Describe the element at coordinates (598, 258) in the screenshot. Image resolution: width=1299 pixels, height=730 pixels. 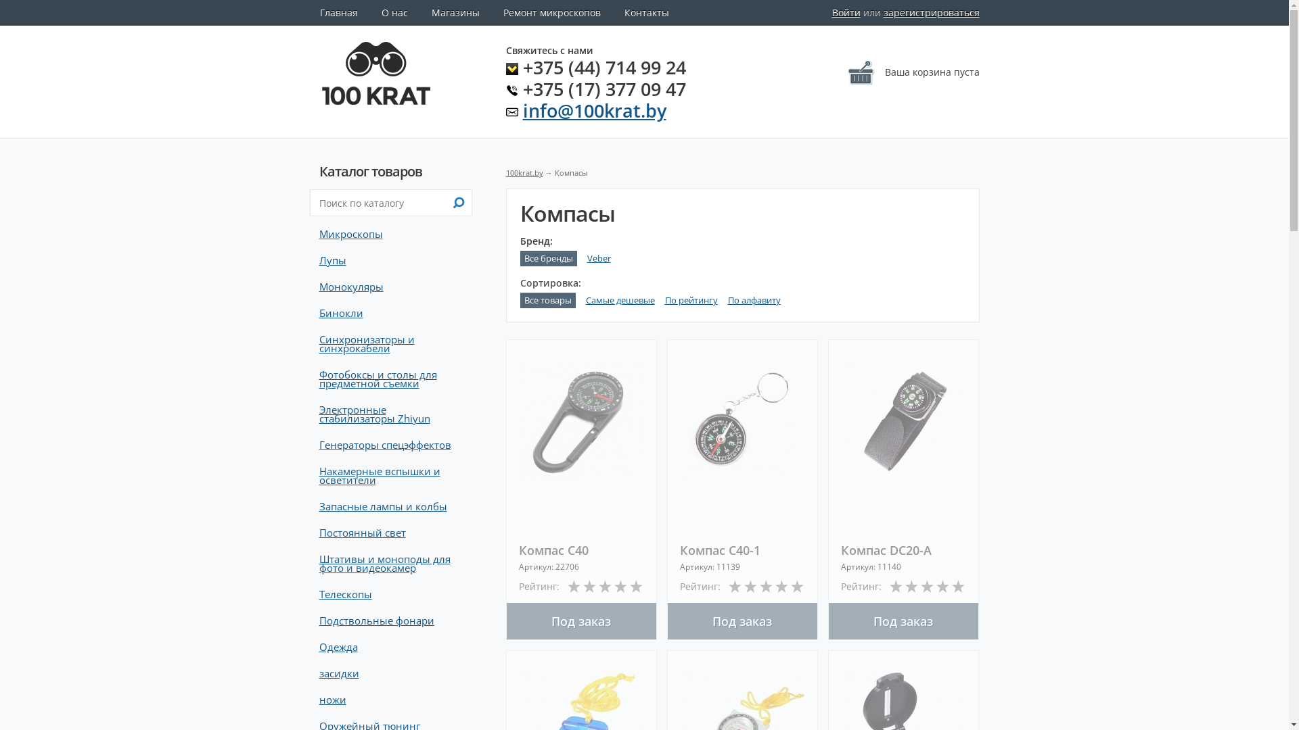
I see `'Veber'` at that location.